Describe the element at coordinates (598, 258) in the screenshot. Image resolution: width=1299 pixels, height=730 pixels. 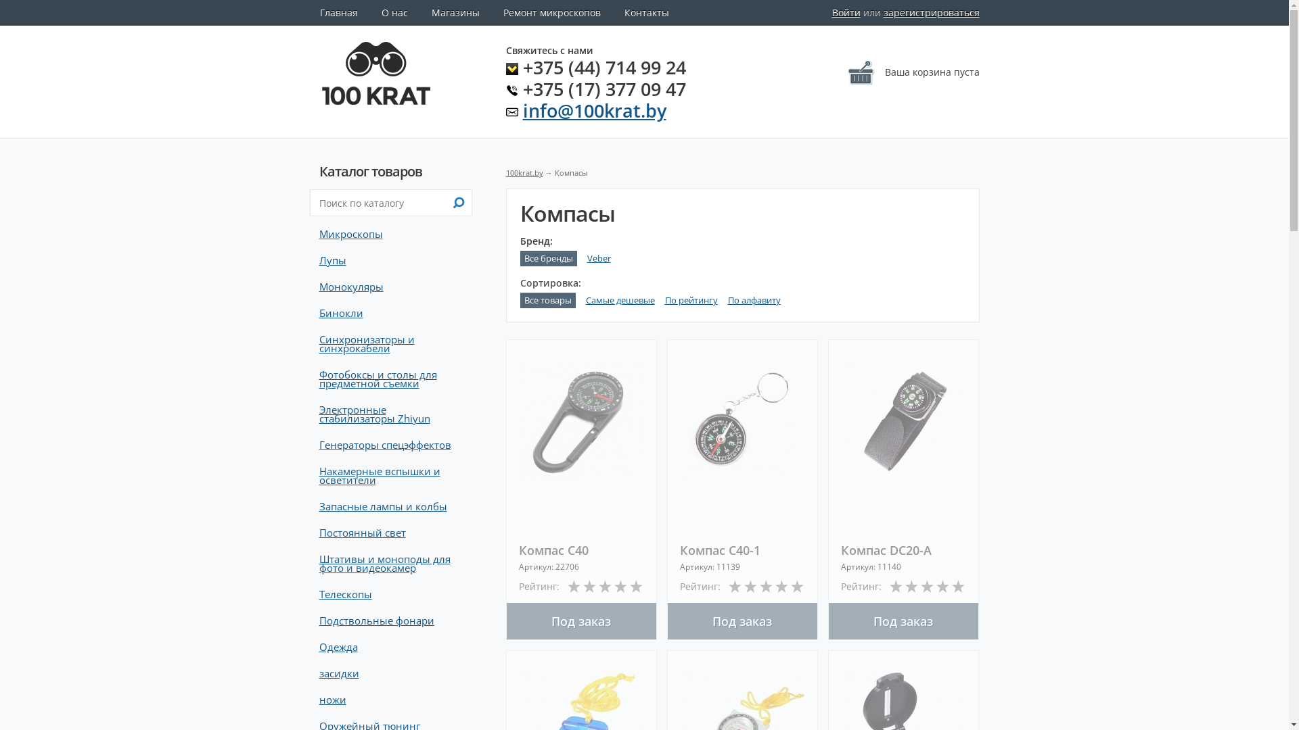
I see `'Veber'` at that location.